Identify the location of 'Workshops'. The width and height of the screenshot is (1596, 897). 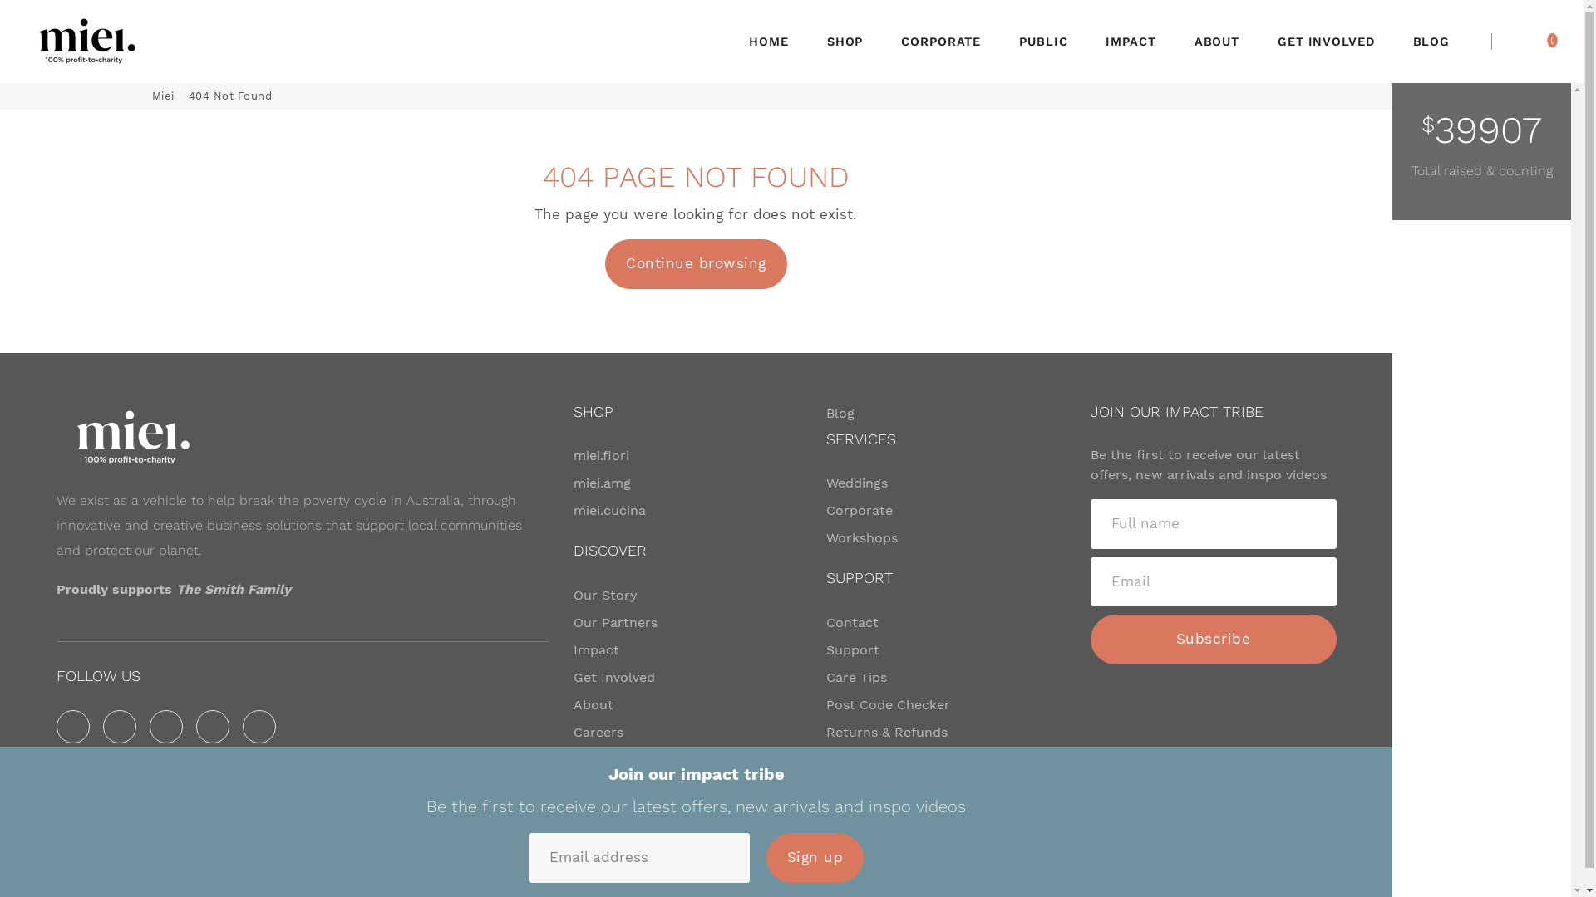
(861, 538).